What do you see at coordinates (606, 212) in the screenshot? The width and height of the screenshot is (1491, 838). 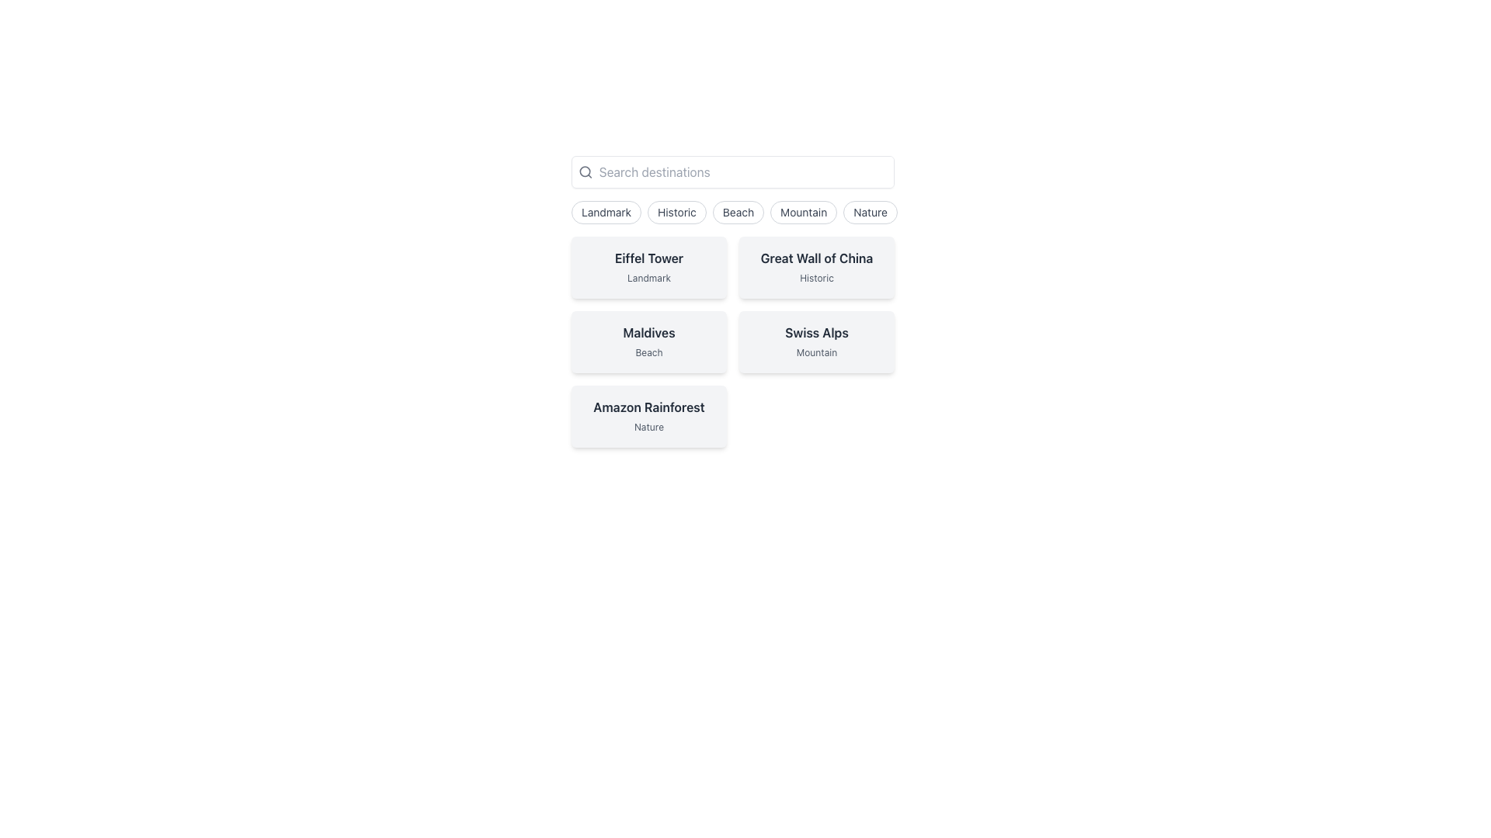 I see `the 'Landmark' category button, which is a pill-shaped button with a white background and gray text, located at the top of the interface` at bounding box center [606, 212].